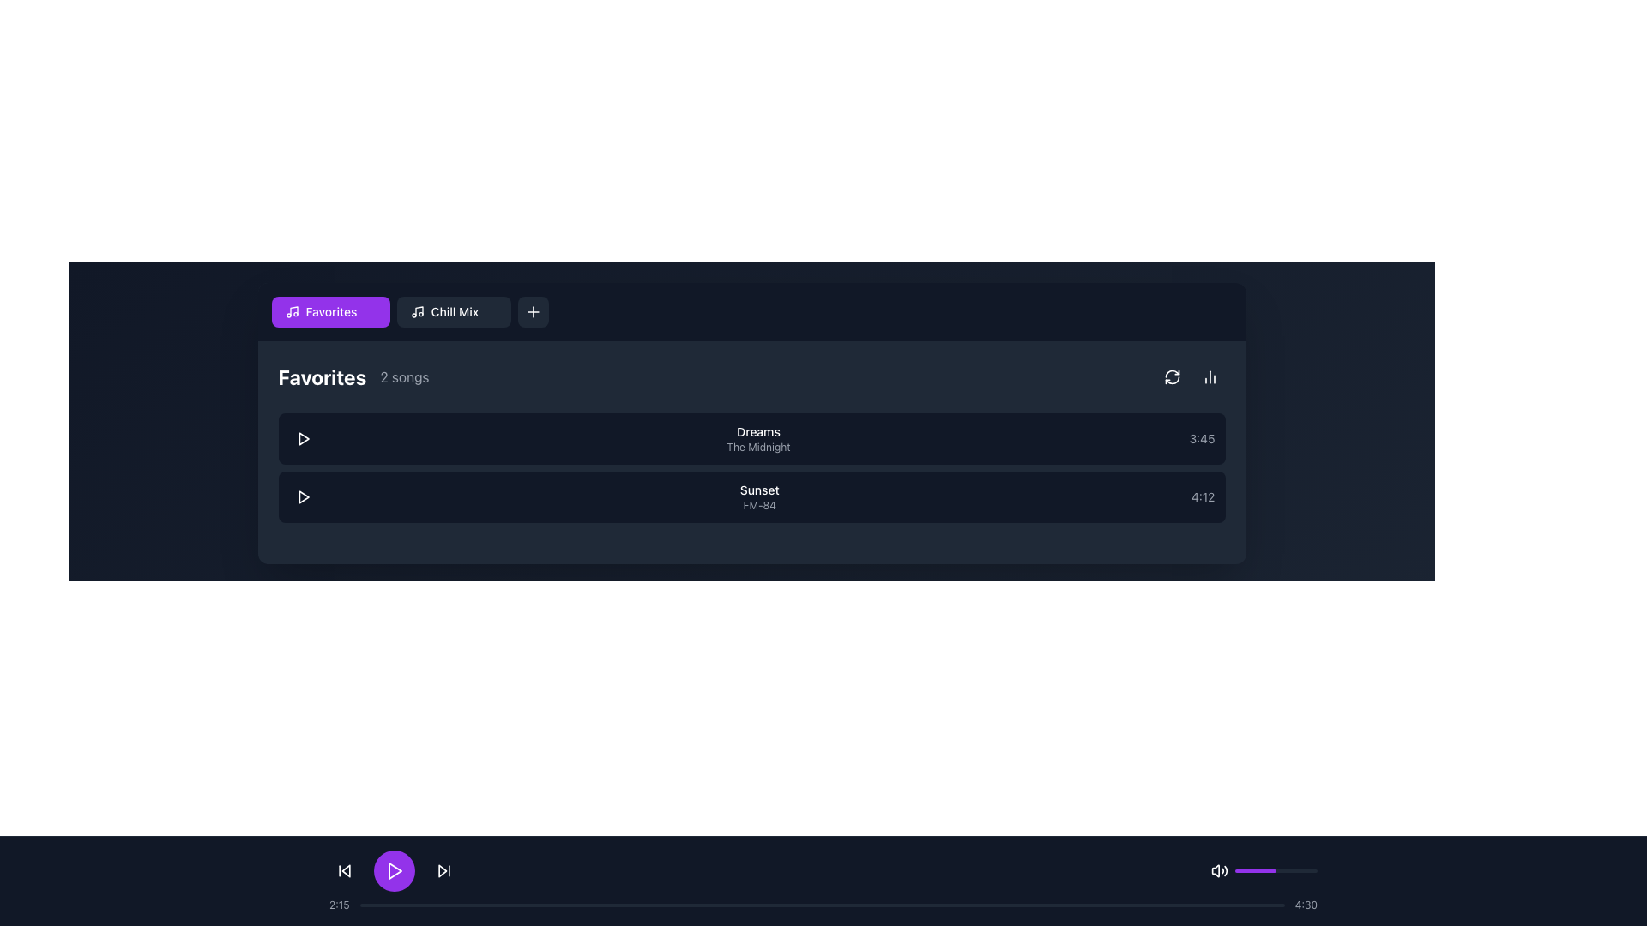 Image resolution: width=1647 pixels, height=926 pixels. What do you see at coordinates (339, 905) in the screenshot?
I see `elapsed time displayed in the gray text label showing '2:15', located towards the left of the progress bar at the bottom section of the interface` at bounding box center [339, 905].